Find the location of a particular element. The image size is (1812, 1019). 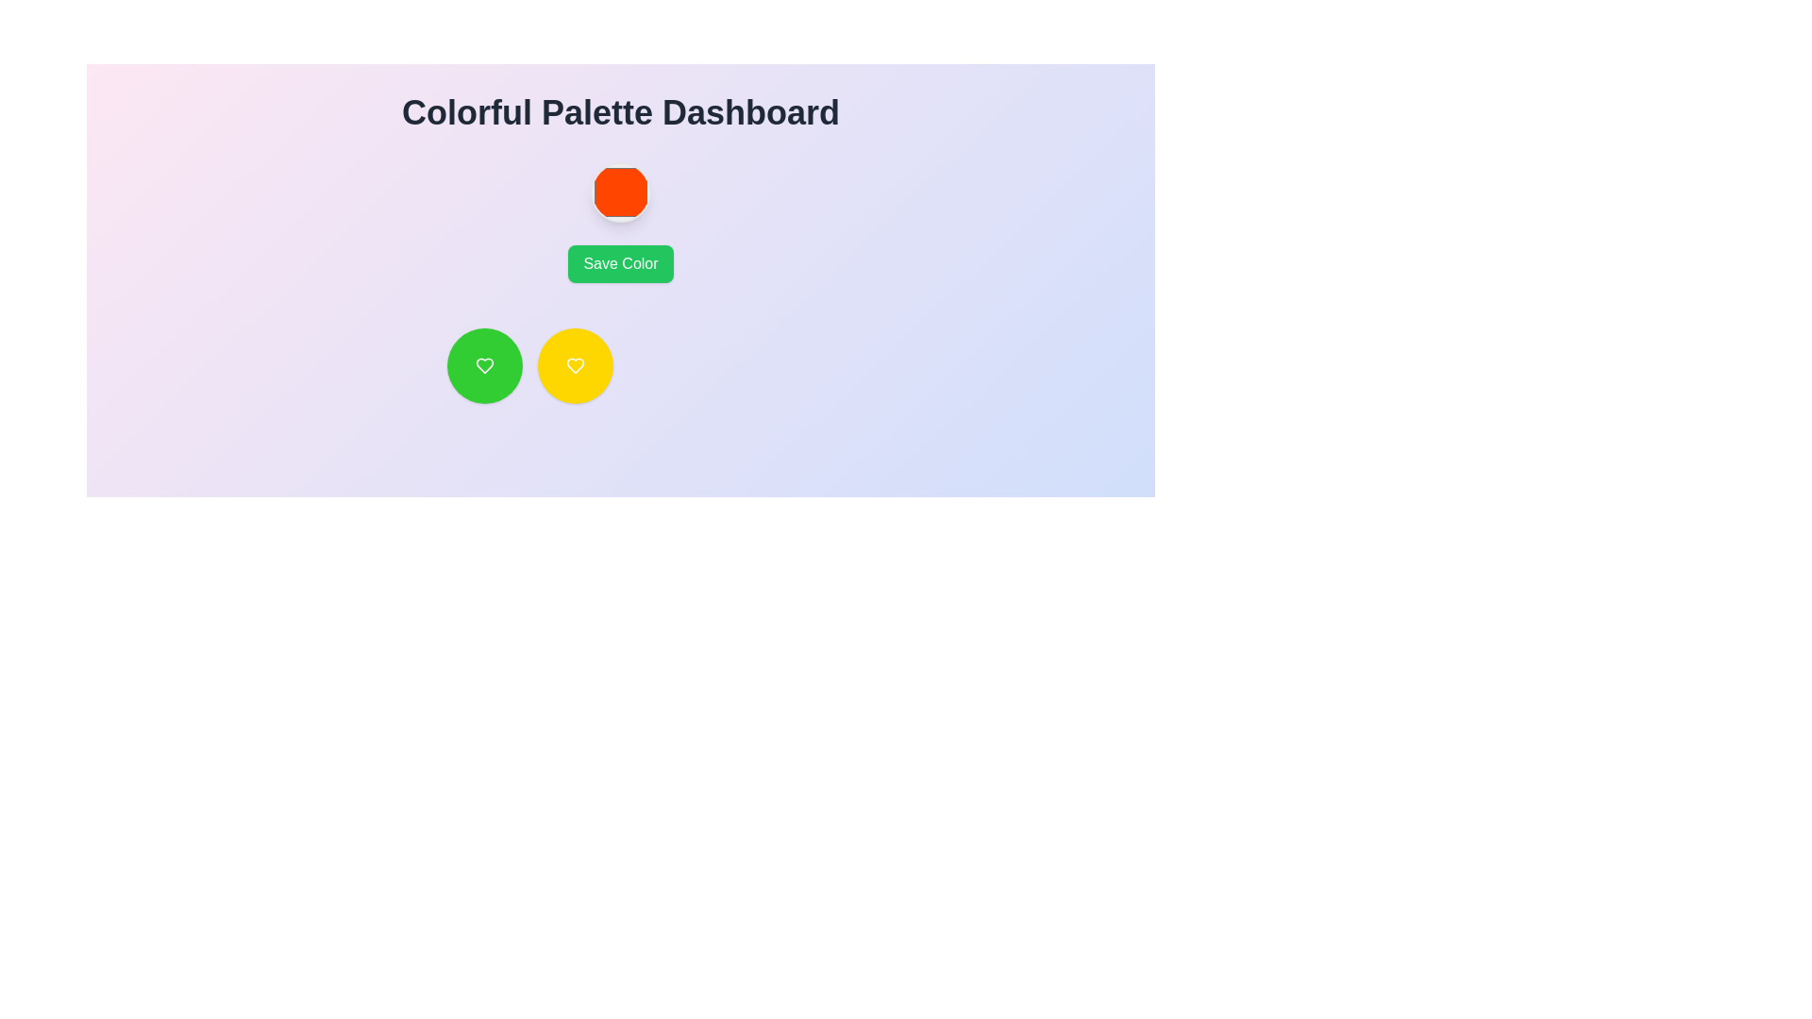

the heart-shaped decorative element filled with a gradient yellow shade, which is the second button in the second row below the 'Save Color' button is located at coordinates (574, 366).